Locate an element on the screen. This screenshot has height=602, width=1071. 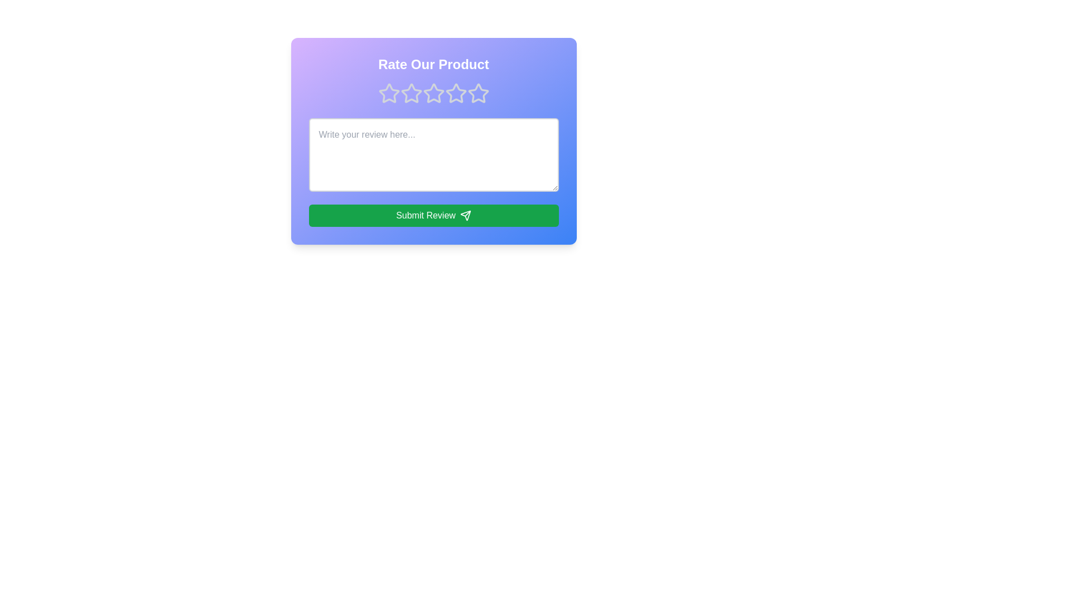
the second star in the horizontal group of five stars is located at coordinates (411, 93).